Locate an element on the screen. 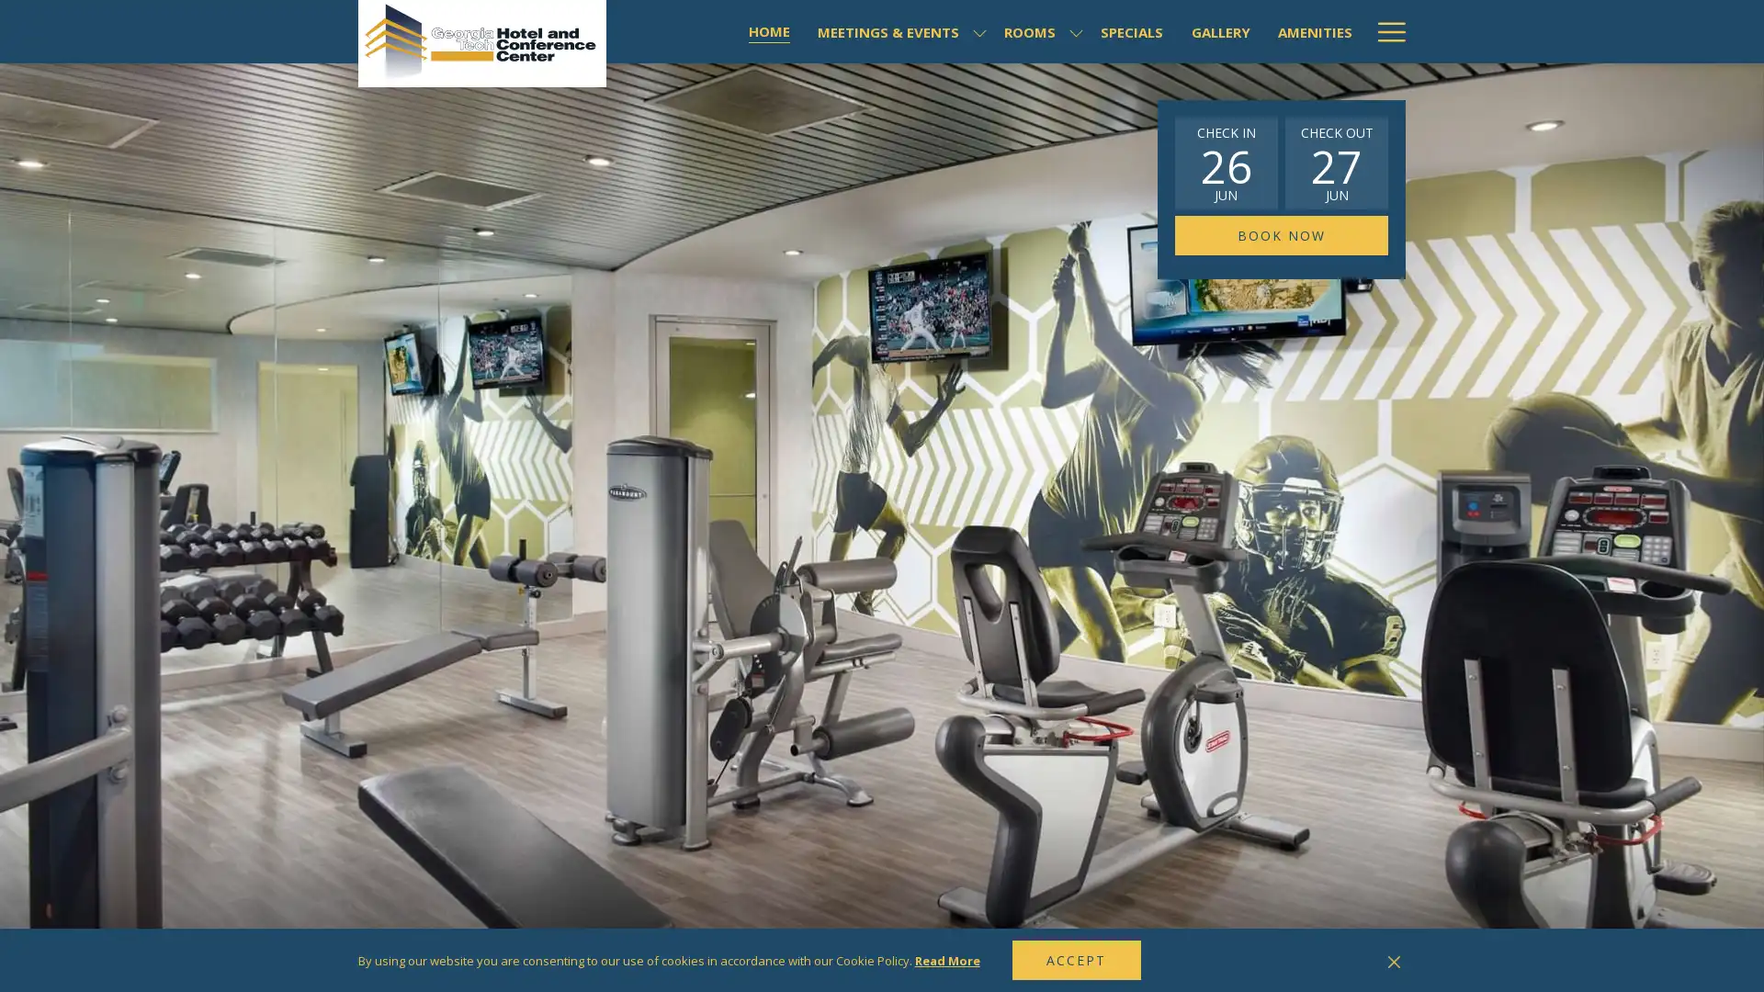 The width and height of the screenshot is (1764, 992). This button opens the calendar to select check out date. is located at coordinates (1336, 162).